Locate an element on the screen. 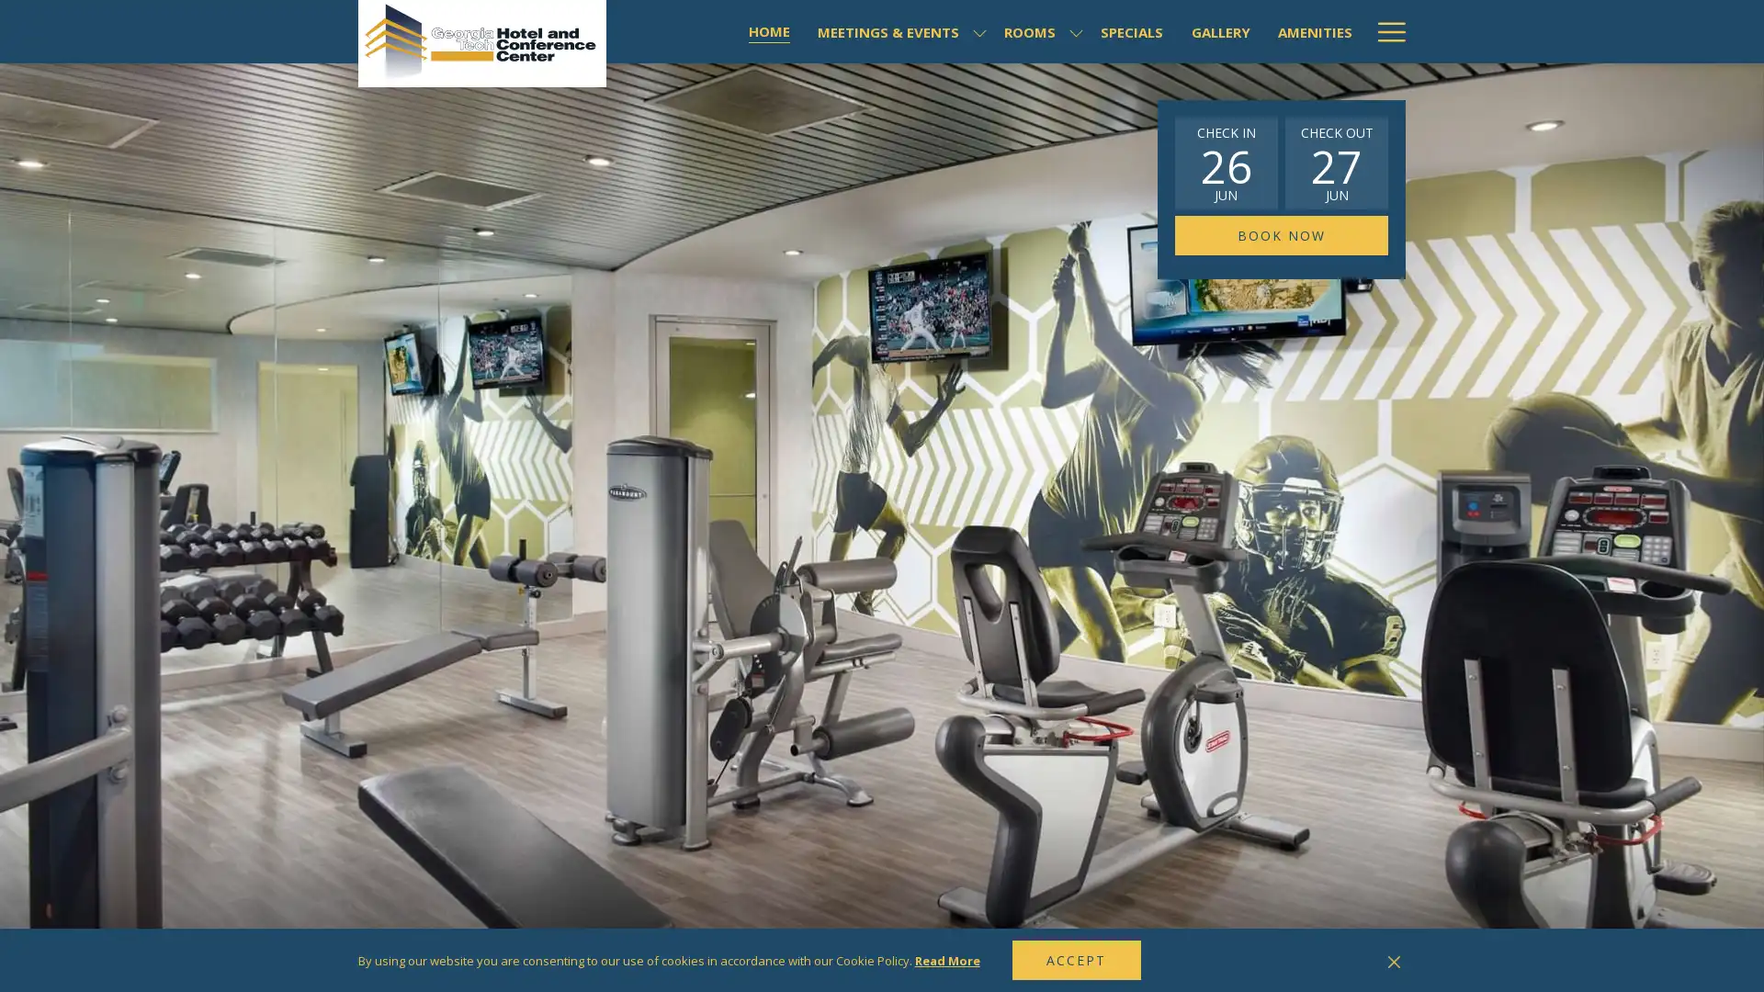 The width and height of the screenshot is (1764, 992). This button opens the calendar to select check out date. is located at coordinates (1336, 162).